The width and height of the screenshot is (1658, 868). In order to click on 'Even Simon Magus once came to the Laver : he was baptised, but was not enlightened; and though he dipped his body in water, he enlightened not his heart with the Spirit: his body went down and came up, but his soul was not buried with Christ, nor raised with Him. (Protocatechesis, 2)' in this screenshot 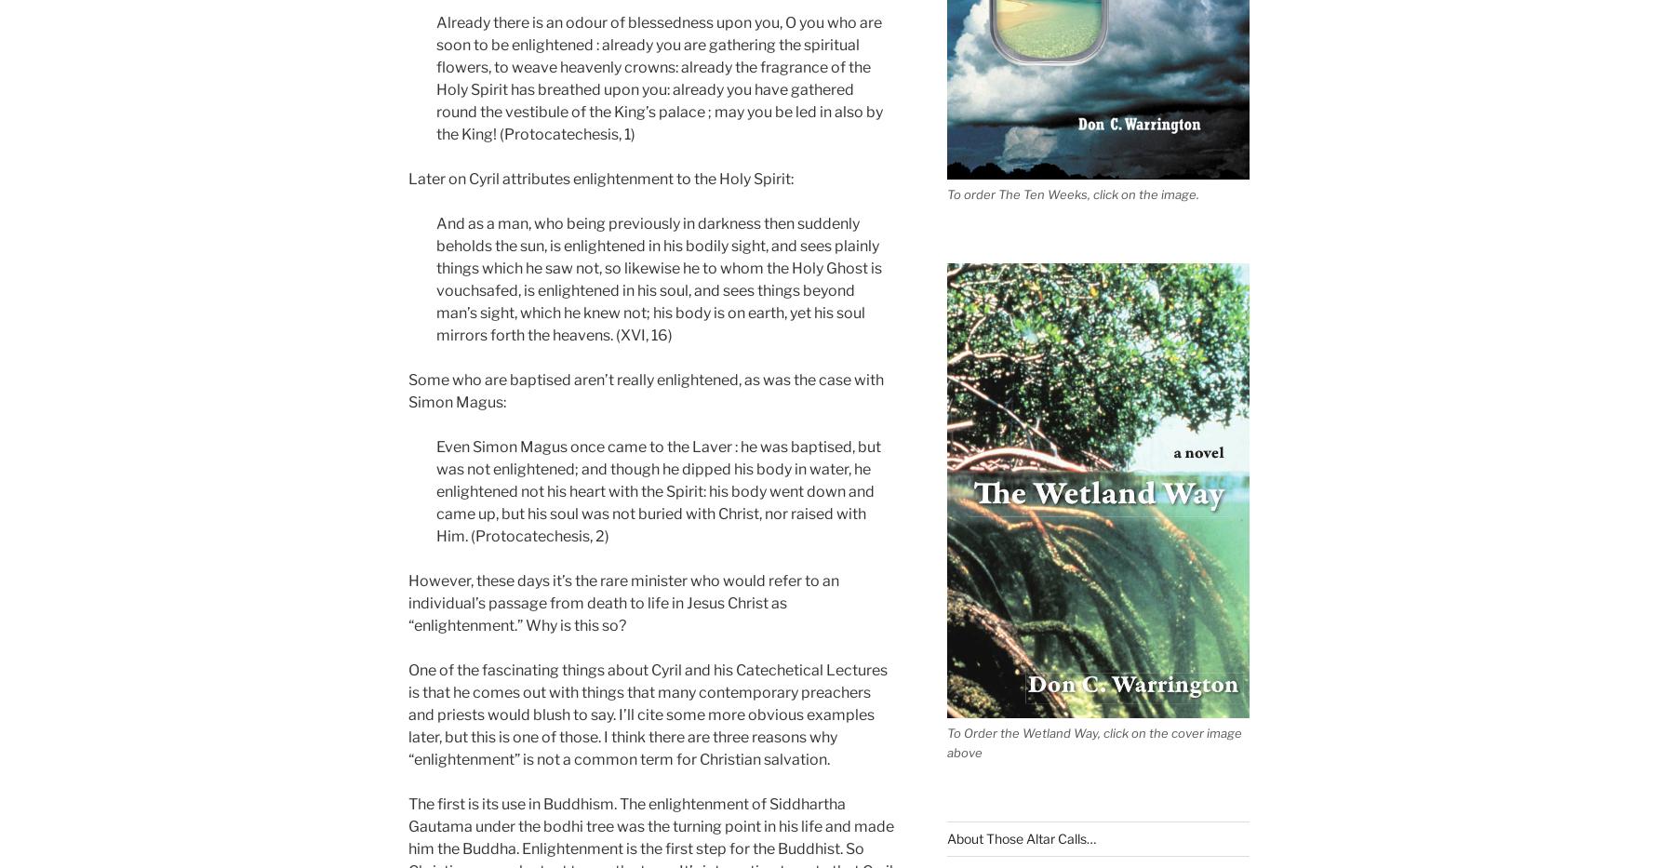, I will do `click(657, 489)`.